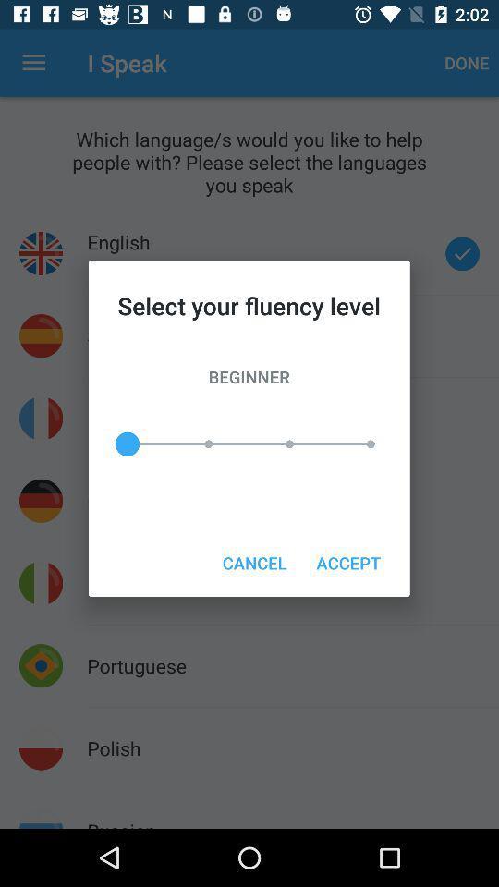 The image size is (499, 887). What do you see at coordinates (253, 562) in the screenshot?
I see `the item to the left of the accept` at bounding box center [253, 562].